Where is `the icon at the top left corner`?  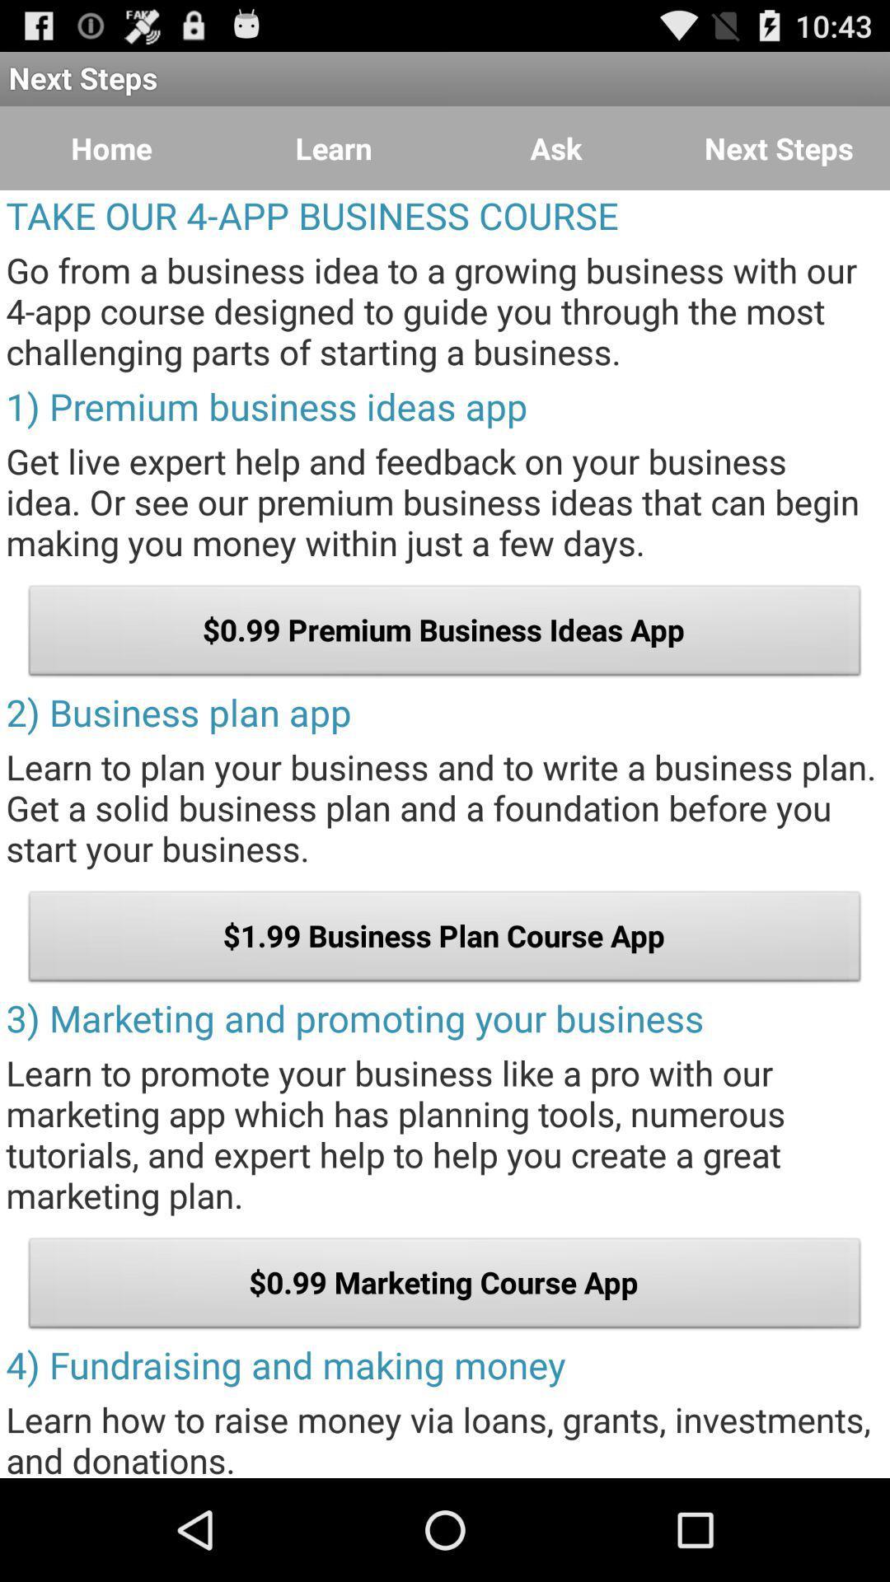 the icon at the top left corner is located at coordinates (111, 148).